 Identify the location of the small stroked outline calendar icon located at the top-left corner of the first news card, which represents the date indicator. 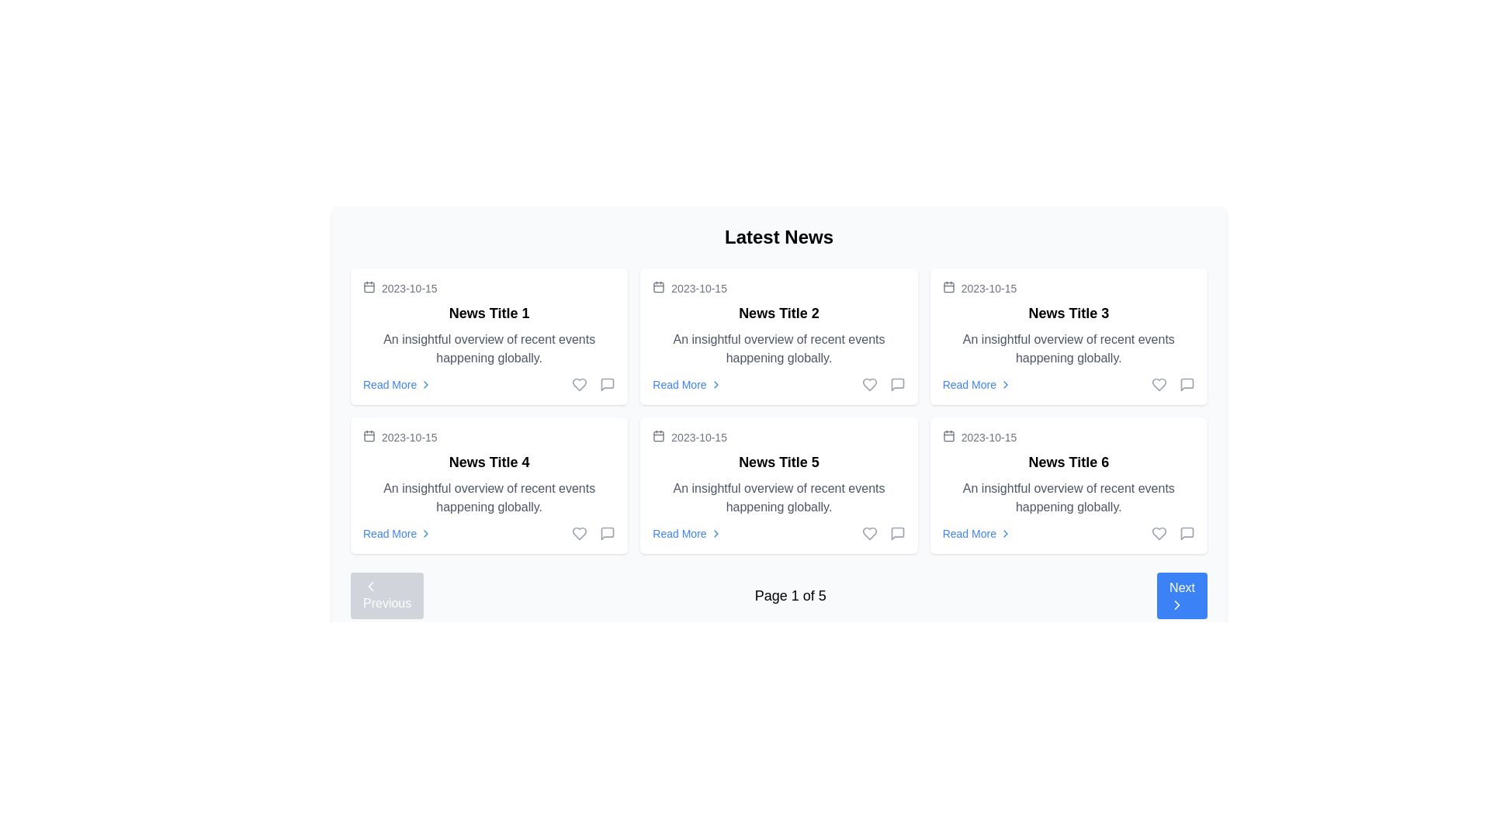
(368, 287).